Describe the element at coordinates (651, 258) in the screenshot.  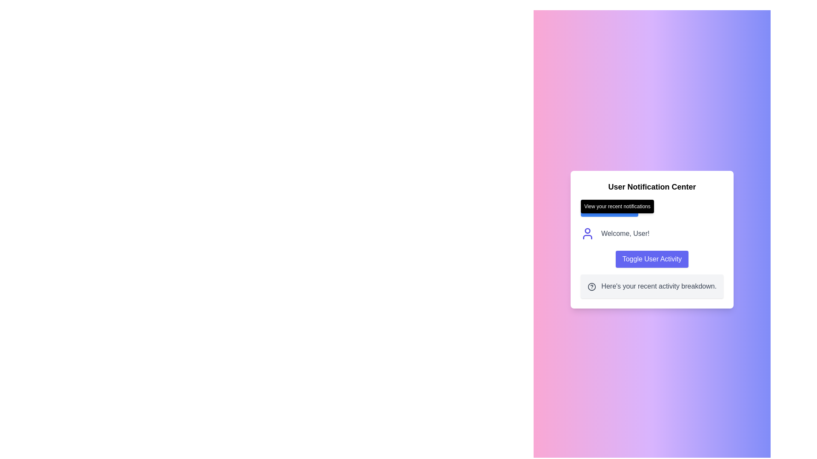
I see `the button that toggles the visibility of user activity information in the 'User Notification Center'` at that location.